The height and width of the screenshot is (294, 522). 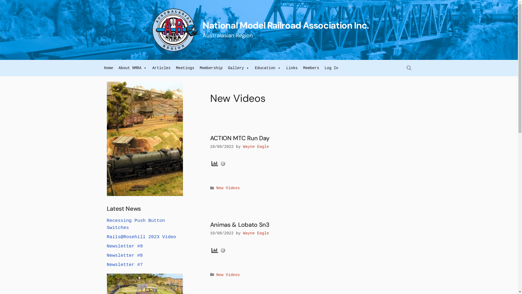 I want to click on 'Newsletter #9', so click(x=124, y=246).